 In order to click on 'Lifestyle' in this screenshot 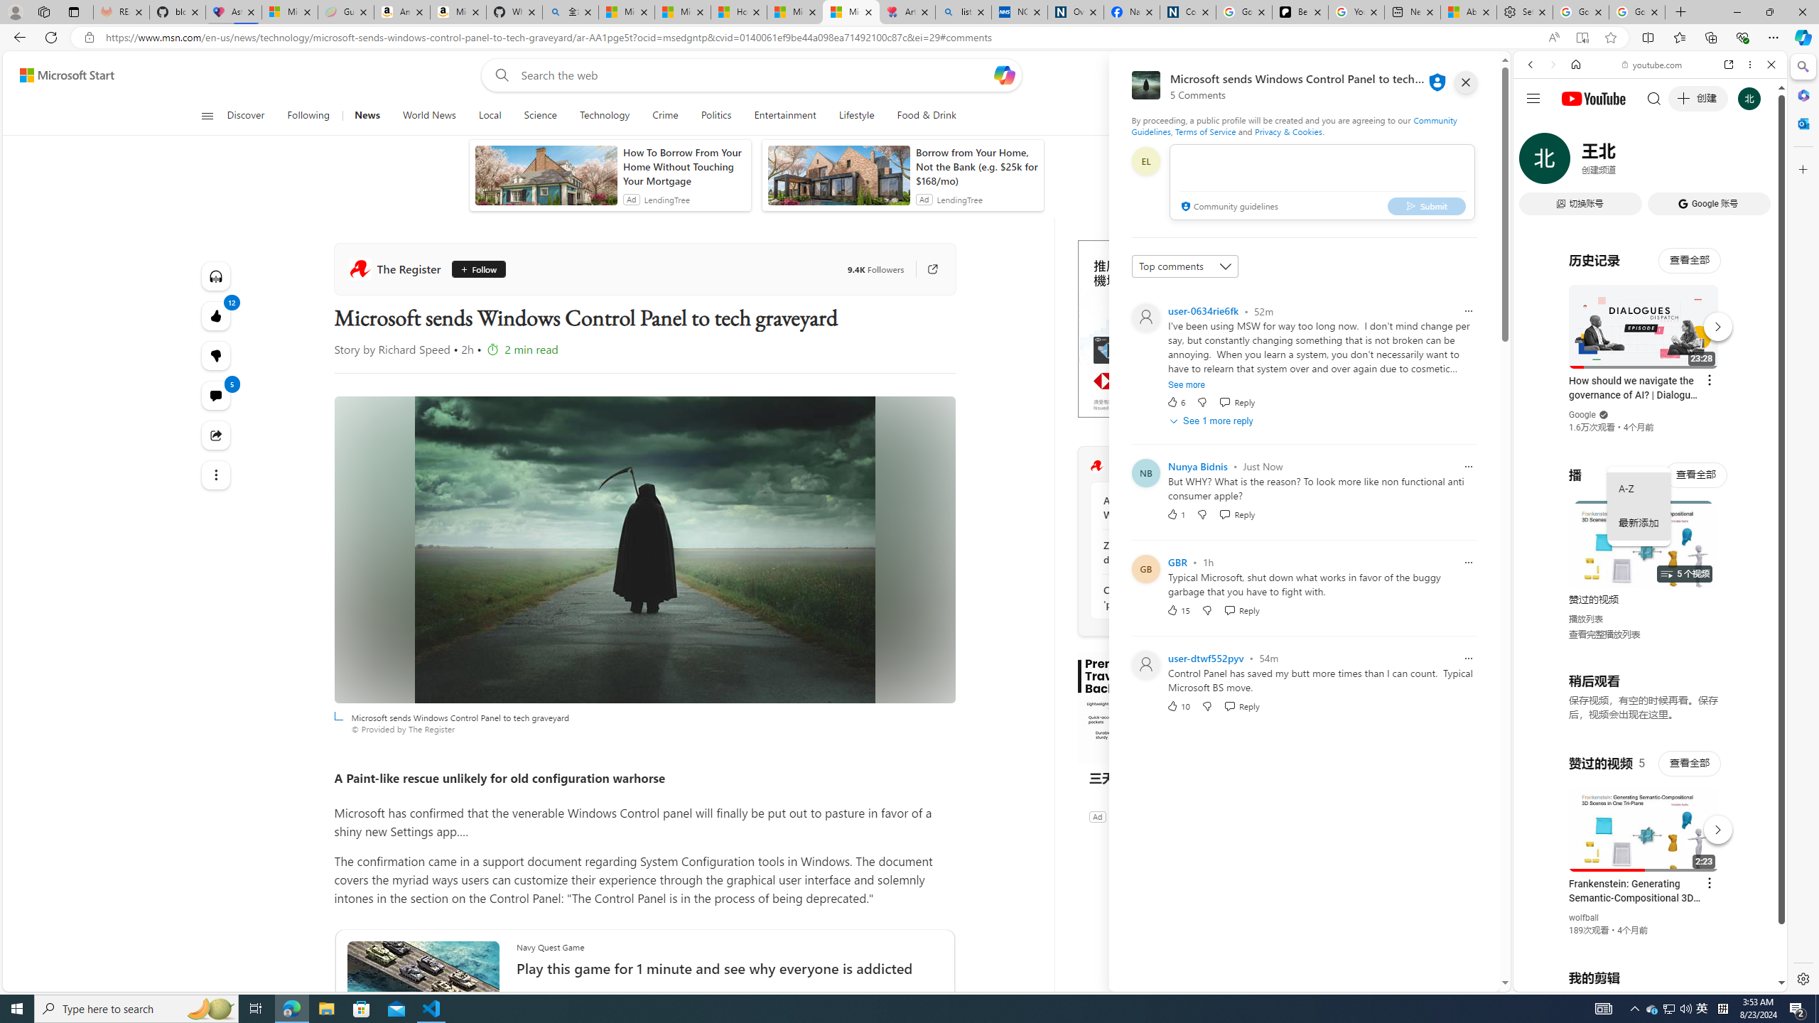, I will do `click(855, 115)`.